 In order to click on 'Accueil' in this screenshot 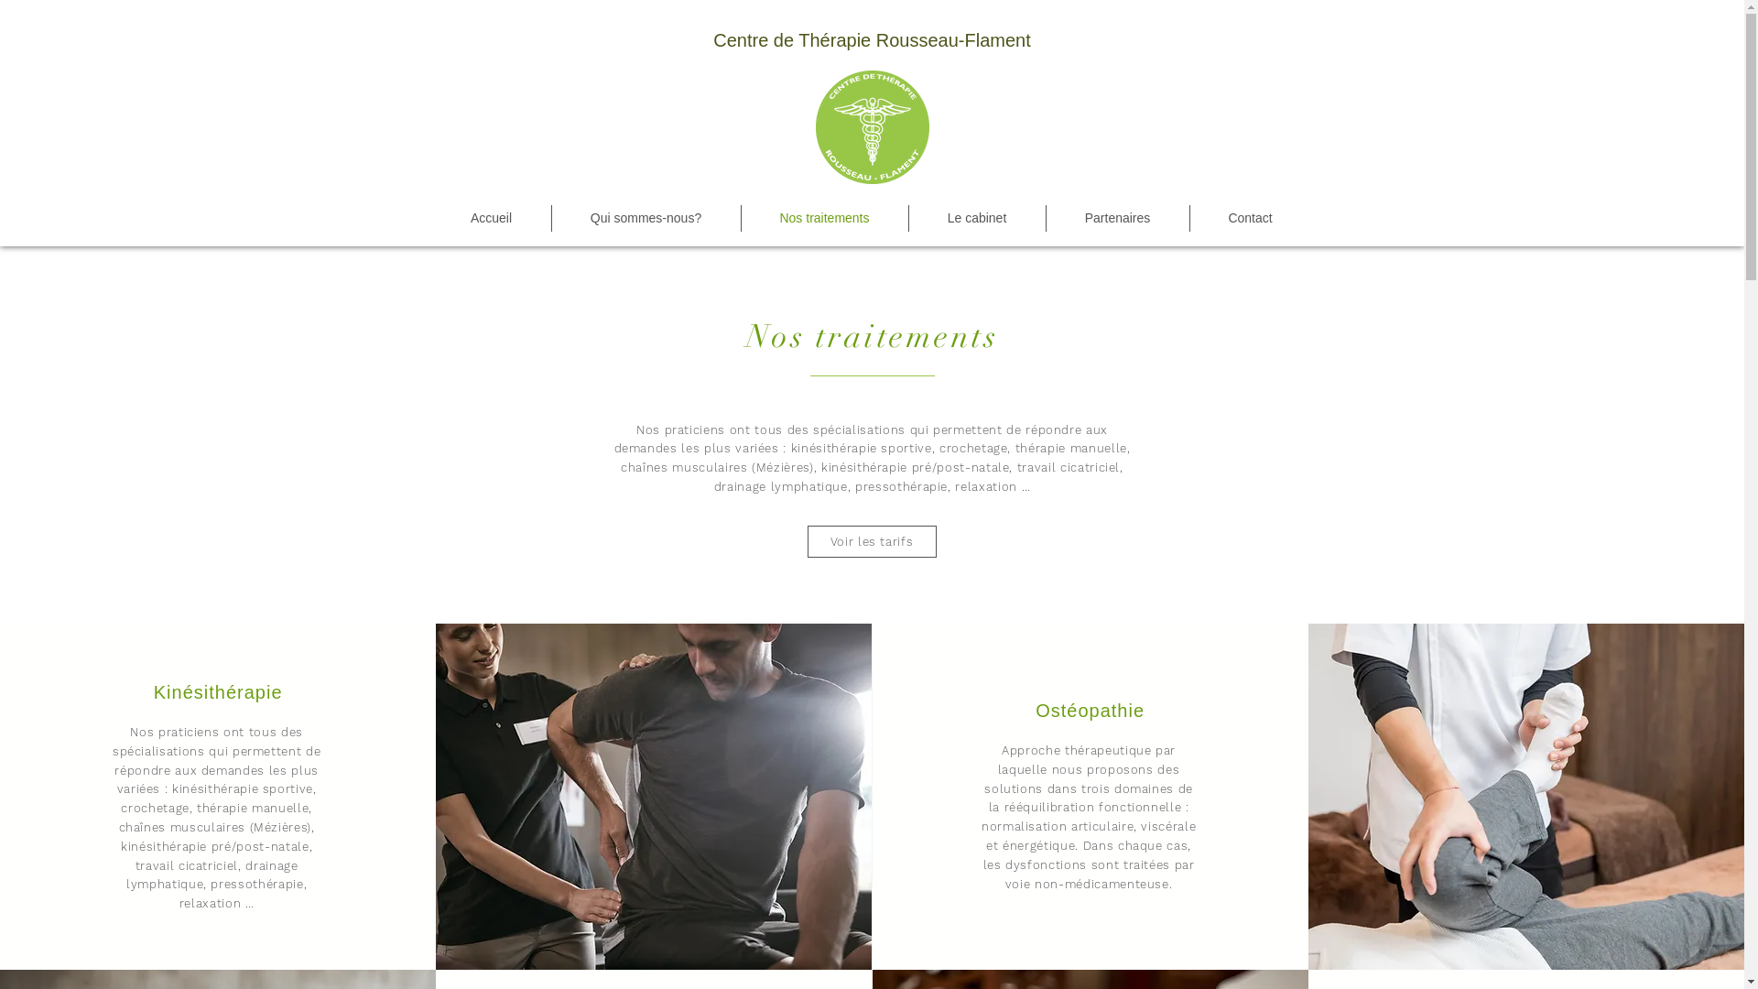, I will do `click(492, 217)`.